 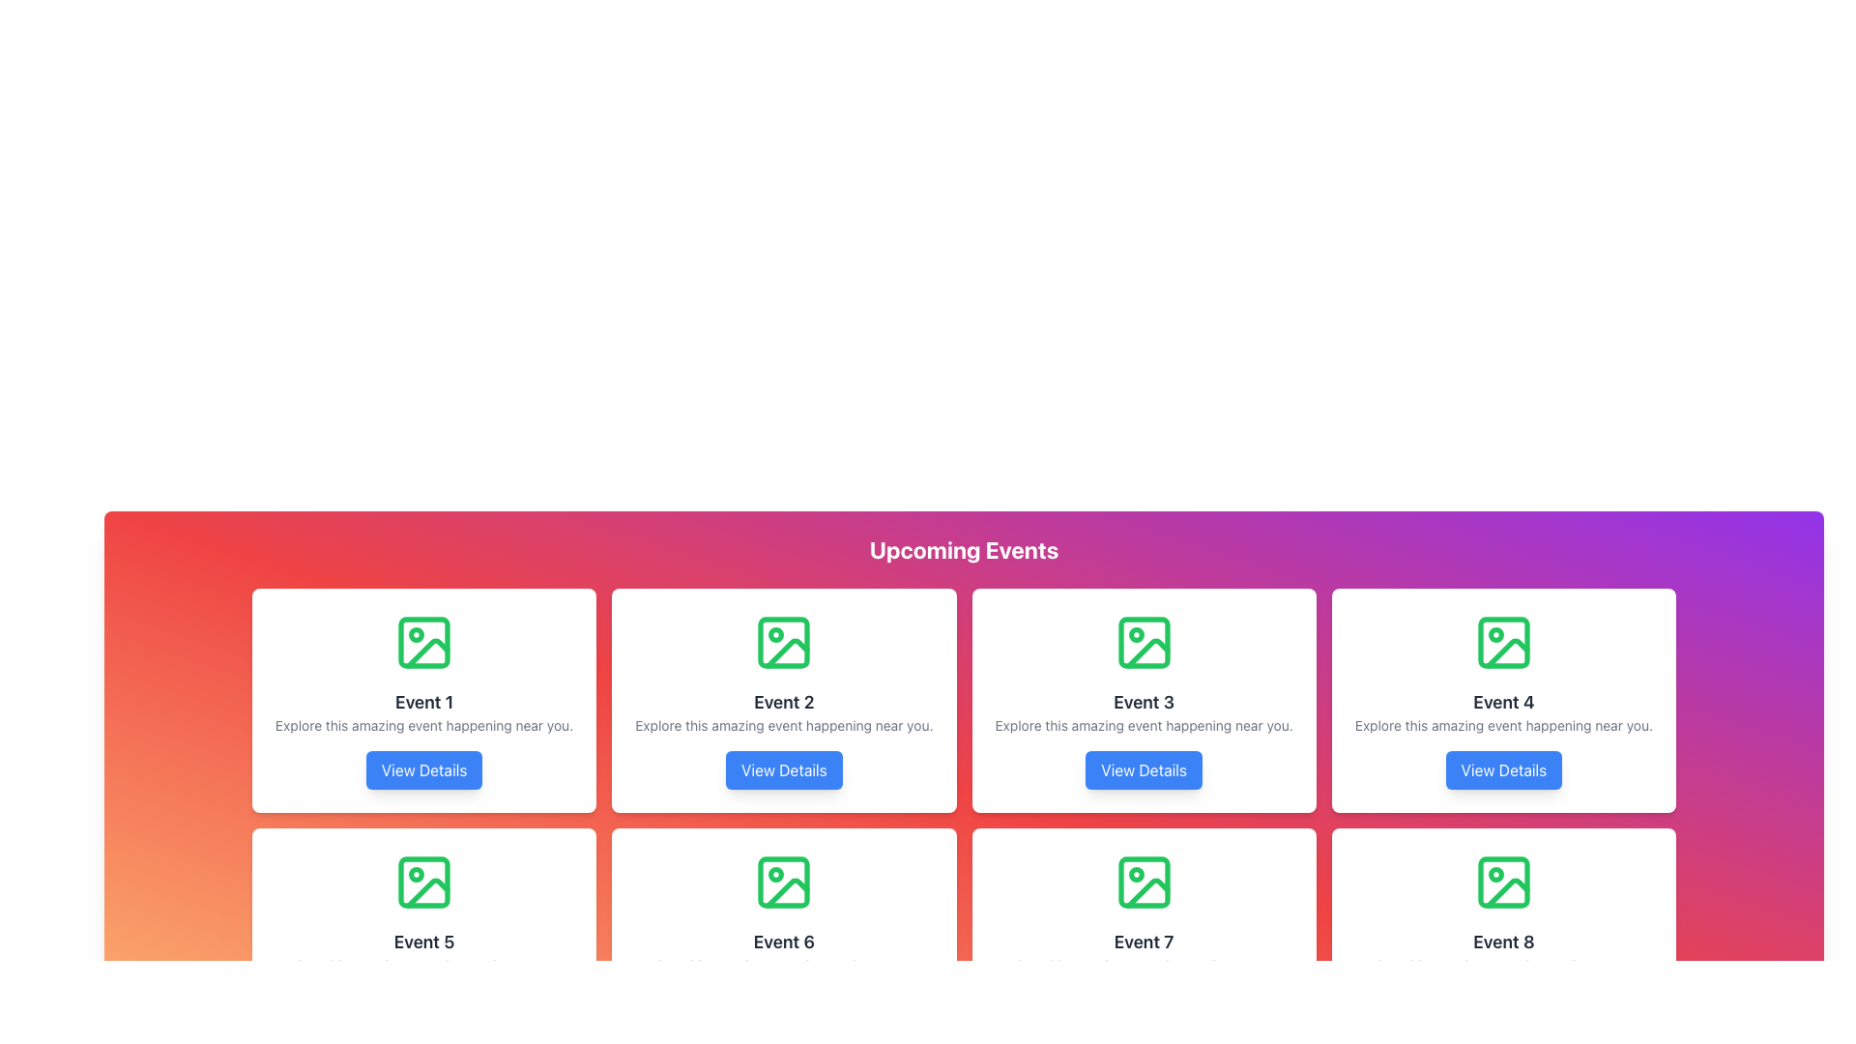 What do you see at coordinates (784, 642) in the screenshot?
I see `the 'Event 2' card icon, which is a visual representation for the event and located centrally in the top row of the grid layout` at bounding box center [784, 642].